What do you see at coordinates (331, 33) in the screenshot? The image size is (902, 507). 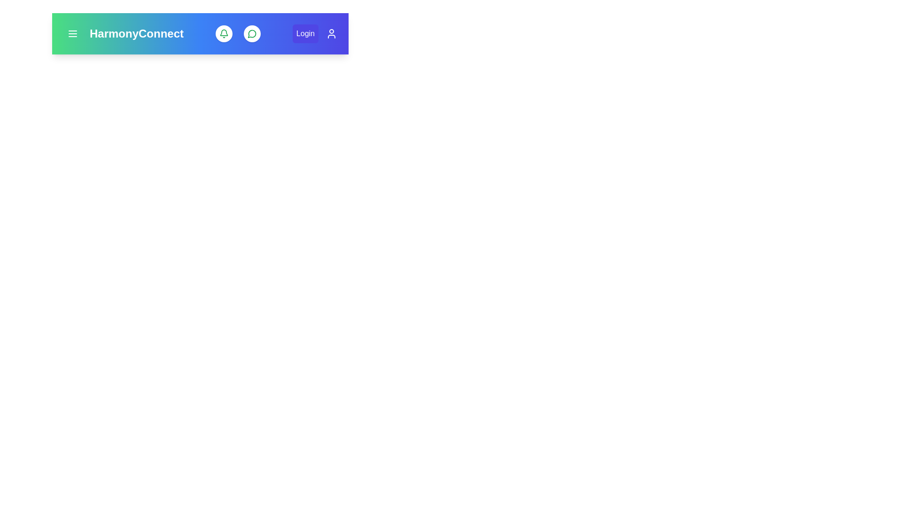 I see `the user icon to access the user profile options` at bounding box center [331, 33].